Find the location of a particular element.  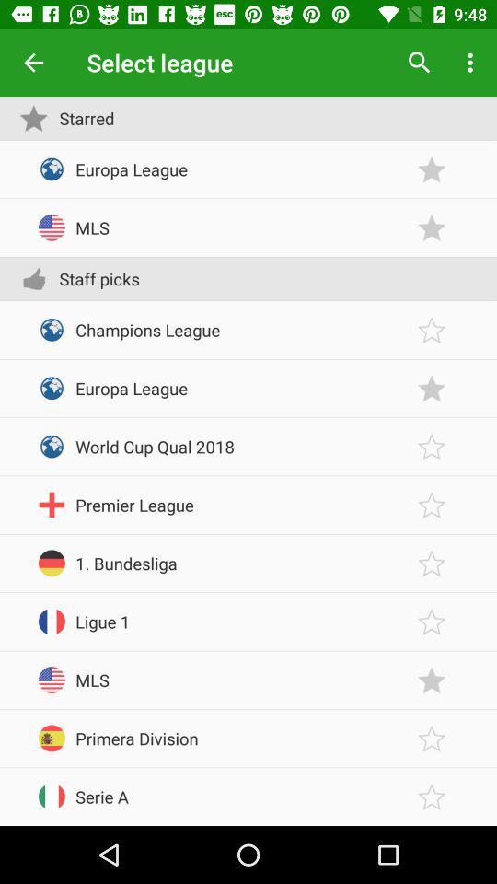

the league is located at coordinates (432, 505).